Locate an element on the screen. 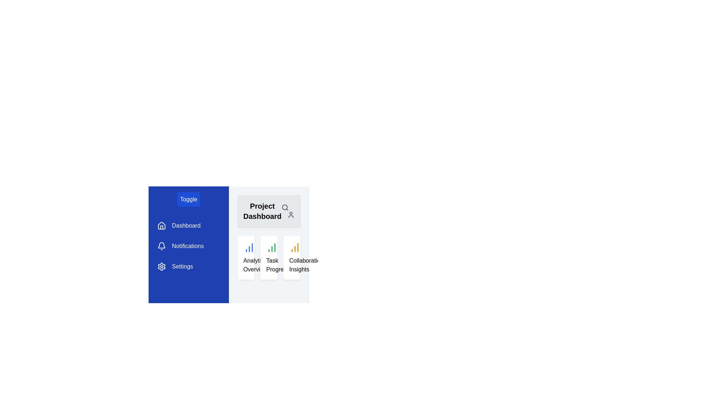  the analytics card located in the first column of the right panel, under the 'Project Dashboard' heading is located at coordinates (246, 257).